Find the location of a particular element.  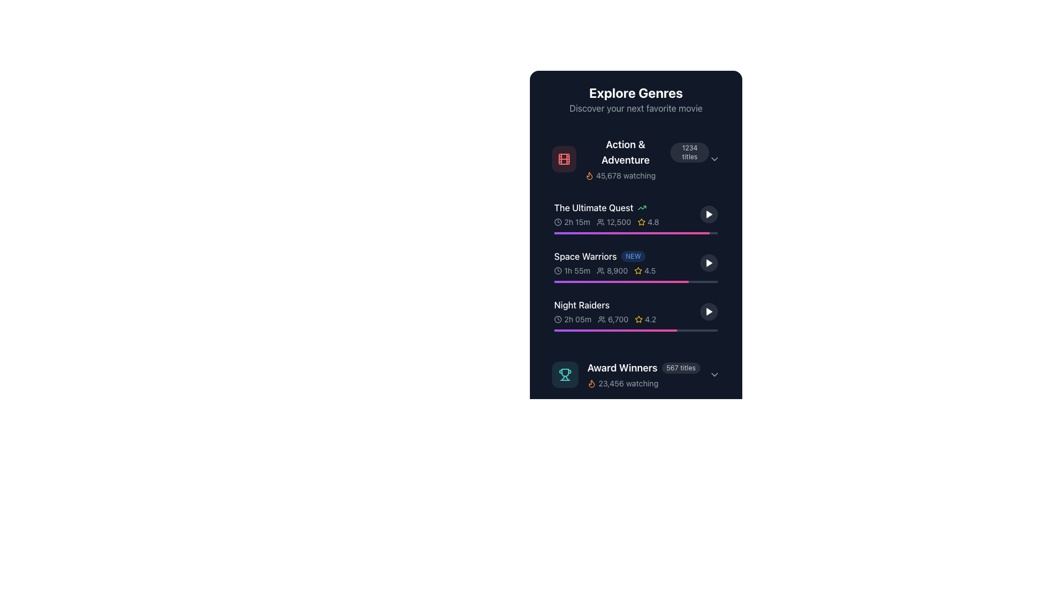

the Text element indicating the number of people currently watching content in the 'Award Winners' category, located below the 'Award Winners' title and '567 titles' component in the 'Explore Genres' section is located at coordinates (643, 383).